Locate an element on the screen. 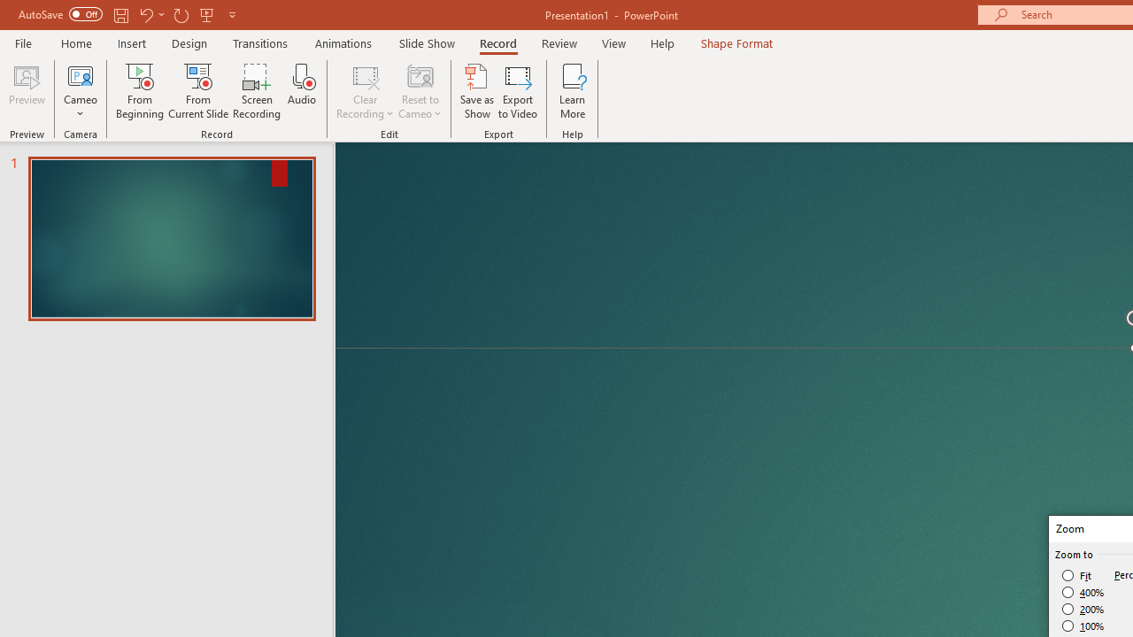 This screenshot has height=637, width=1133. 'From Beginning...' is located at coordinates (139, 91).